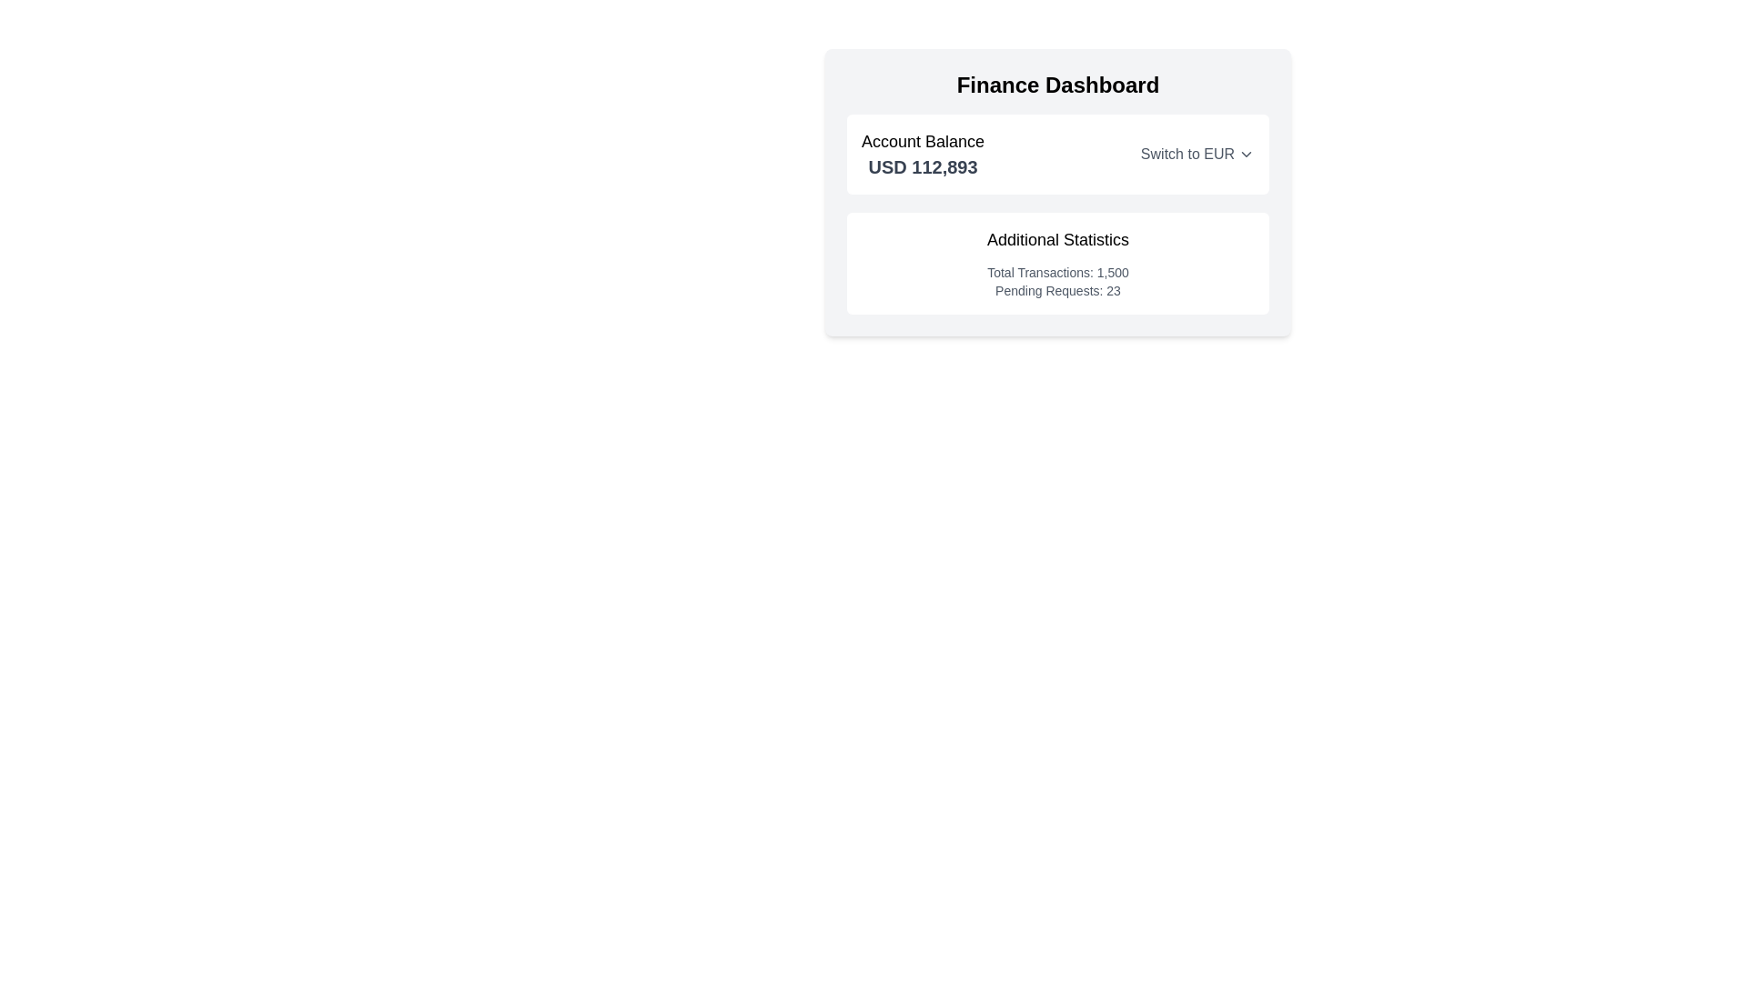 The width and height of the screenshot is (1747, 982). Describe the element at coordinates (1245, 153) in the screenshot. I see `the dropdown indicator icon (chevron) located to the right of the 'Switch to EUR' text to trigger the tooltip or highlight effect` at that location.